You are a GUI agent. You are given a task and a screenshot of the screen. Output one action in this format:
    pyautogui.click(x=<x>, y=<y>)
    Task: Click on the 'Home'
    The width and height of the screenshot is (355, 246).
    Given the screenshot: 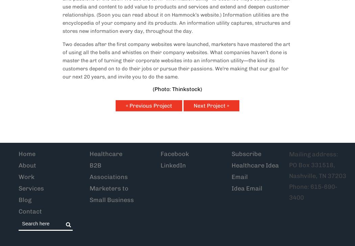 What is the action you would take?
    pyautogui.click(x=27, y=154)
    